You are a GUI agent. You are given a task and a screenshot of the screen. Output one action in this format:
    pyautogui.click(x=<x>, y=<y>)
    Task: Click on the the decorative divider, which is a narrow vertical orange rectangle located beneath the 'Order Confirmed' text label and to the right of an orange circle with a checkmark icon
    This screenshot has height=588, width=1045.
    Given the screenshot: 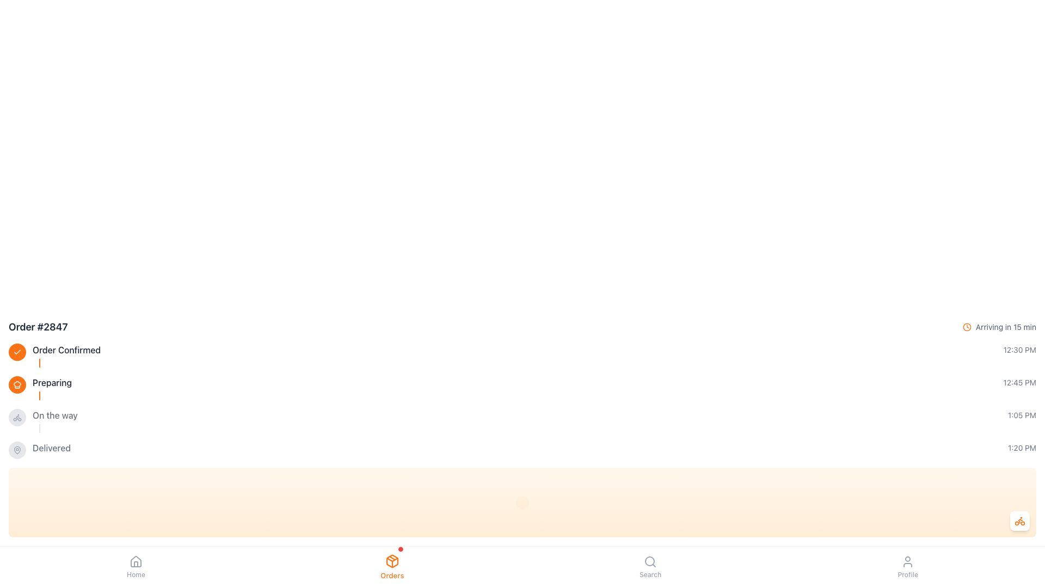 What is the action you would take?
    pyautogui.click(x=39, y=363)
    